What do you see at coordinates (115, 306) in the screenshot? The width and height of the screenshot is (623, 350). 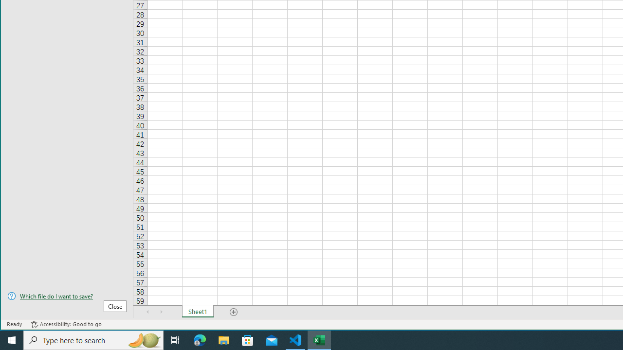 I see `'Close'` at bounding box center [115, 306].